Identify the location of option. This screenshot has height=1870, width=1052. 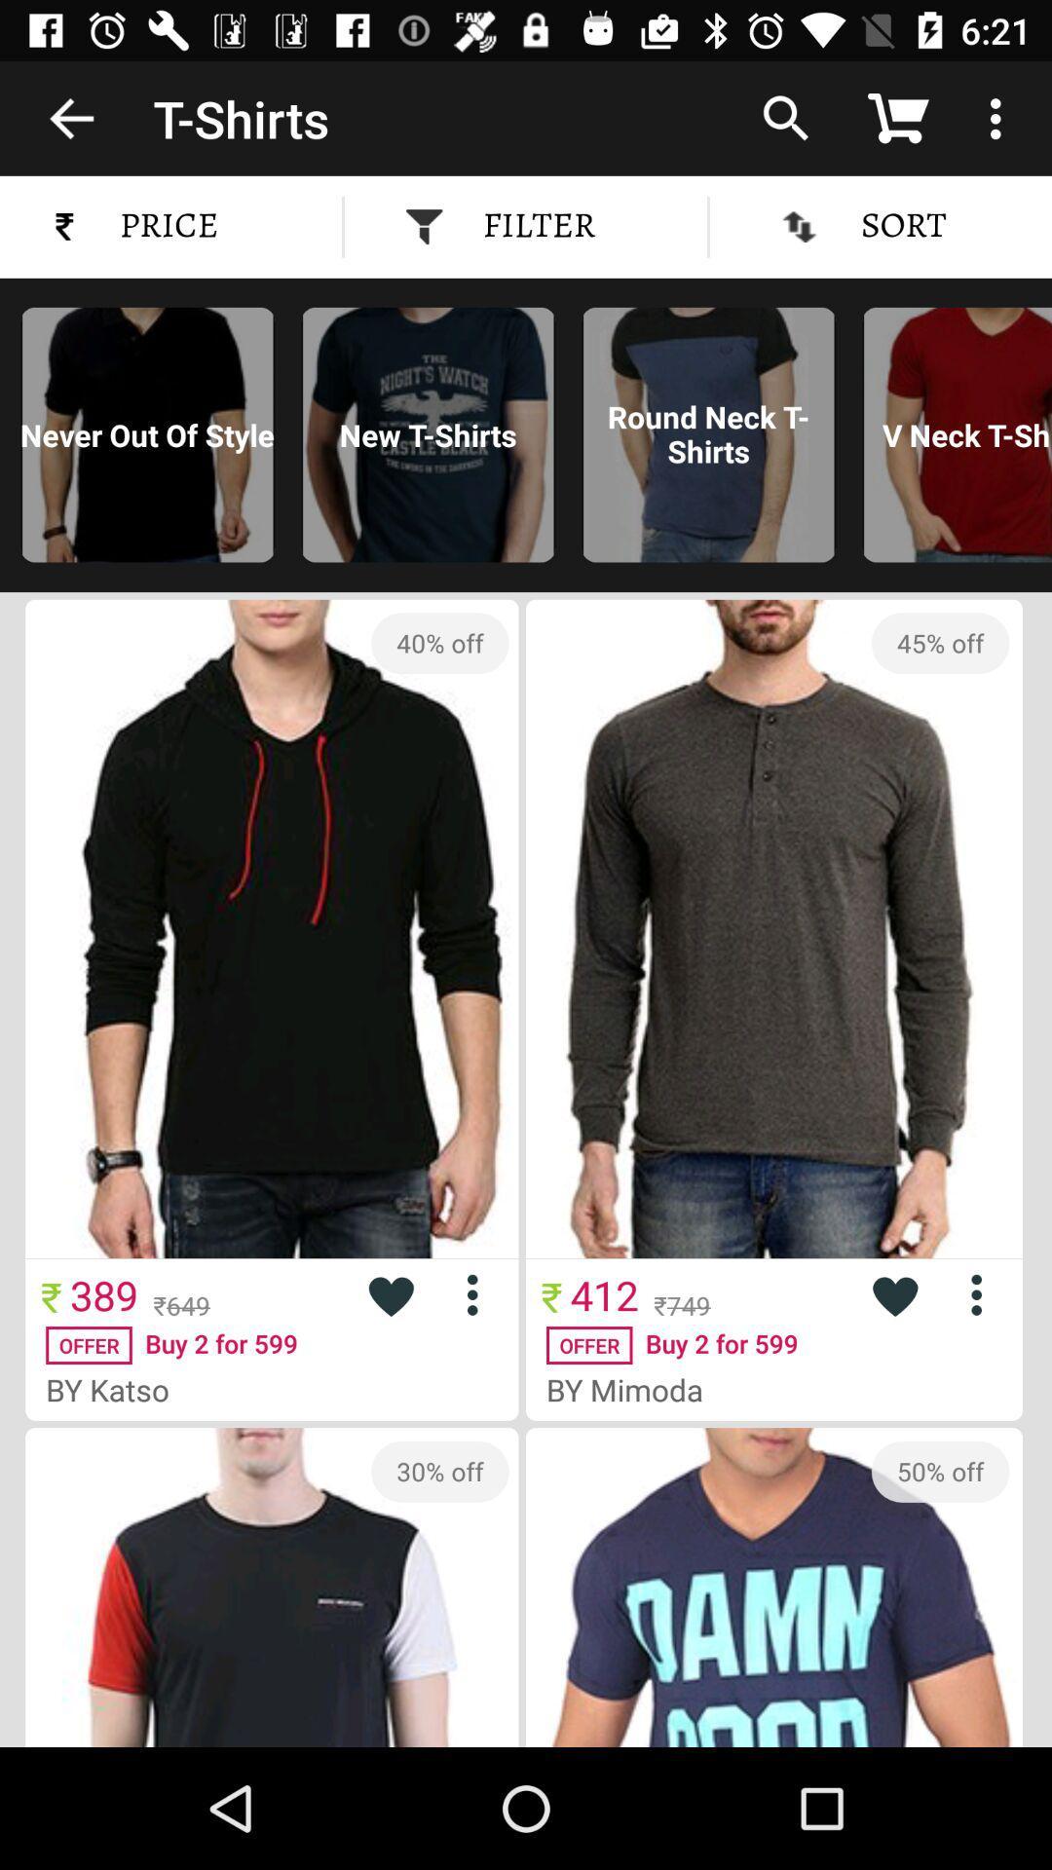
(984, 1294).